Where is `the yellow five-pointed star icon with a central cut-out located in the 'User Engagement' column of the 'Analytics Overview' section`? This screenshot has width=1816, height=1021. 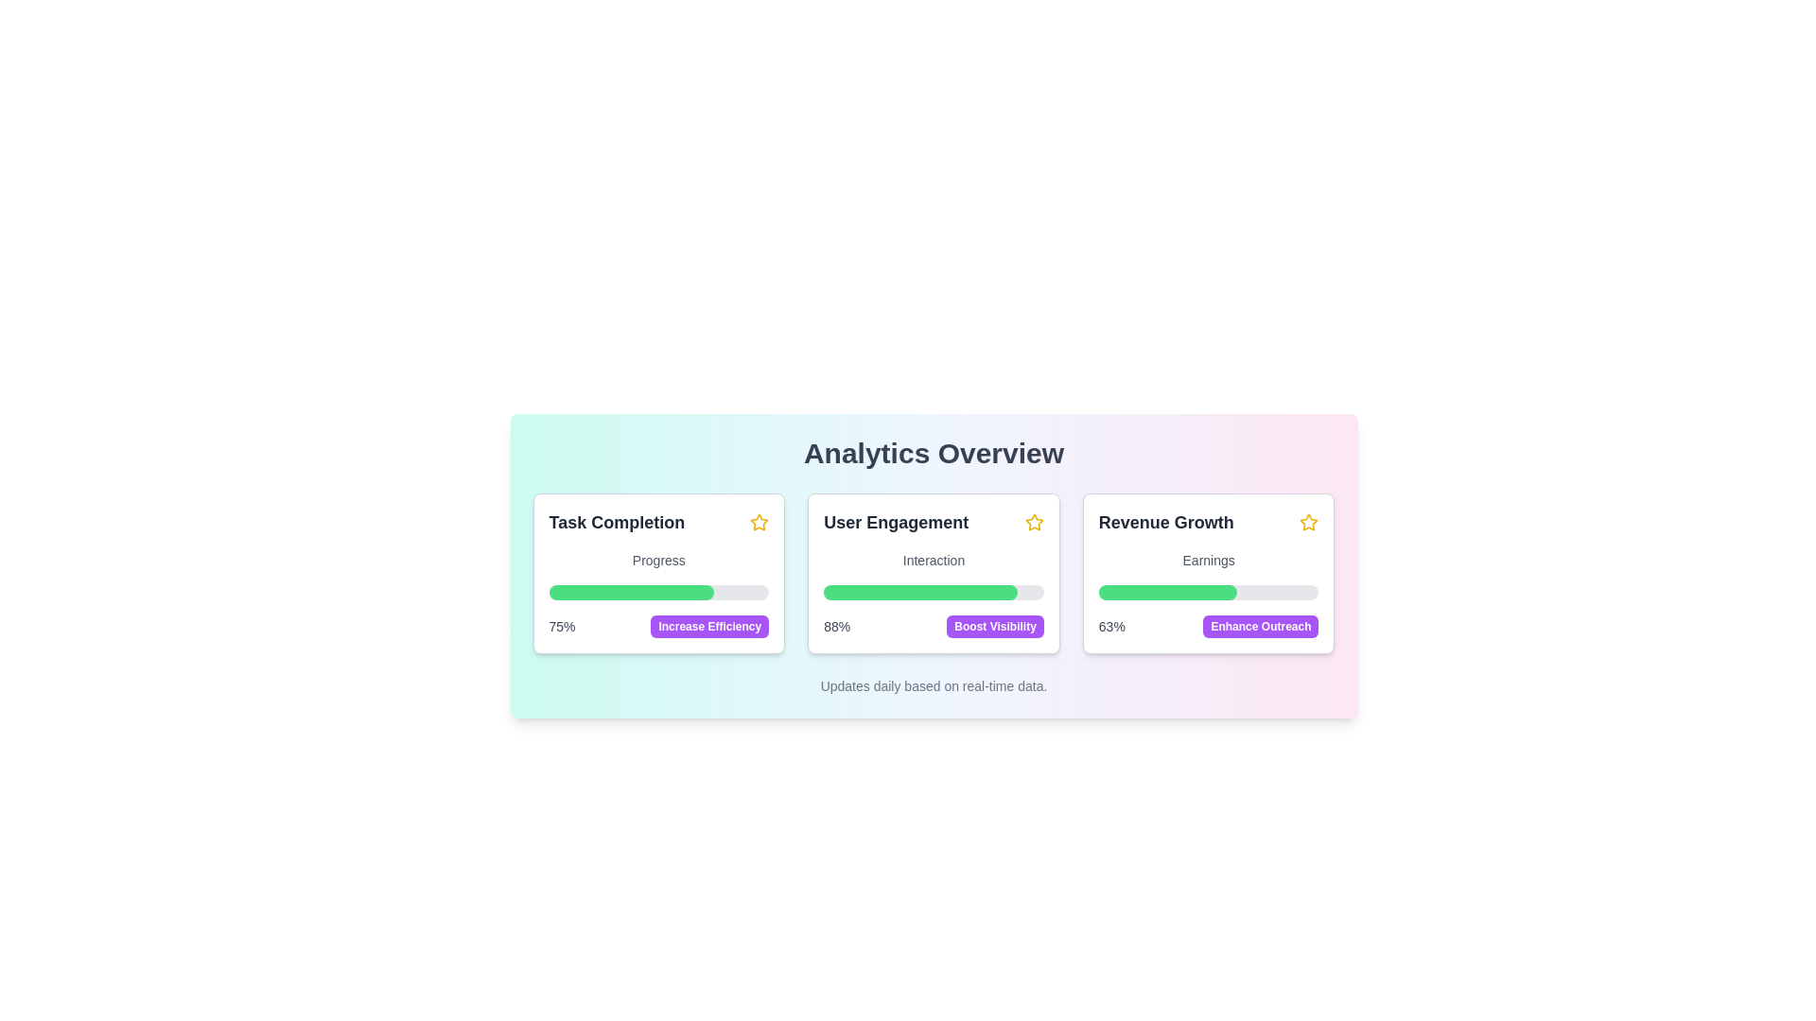
the yellow five-pointed star icon with a central cut-out located in the 'User Engagement' column of the 'Analytics Overview' section is located at coordinates (760, 522).